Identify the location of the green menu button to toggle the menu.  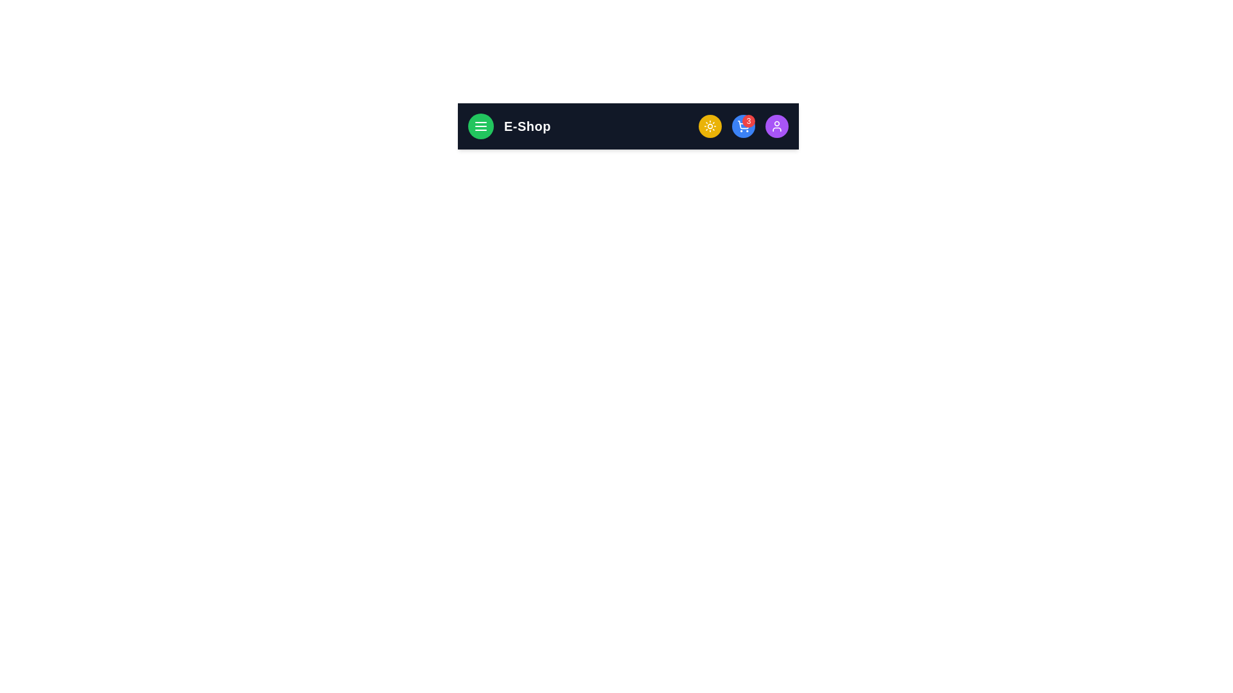
(480, 126).